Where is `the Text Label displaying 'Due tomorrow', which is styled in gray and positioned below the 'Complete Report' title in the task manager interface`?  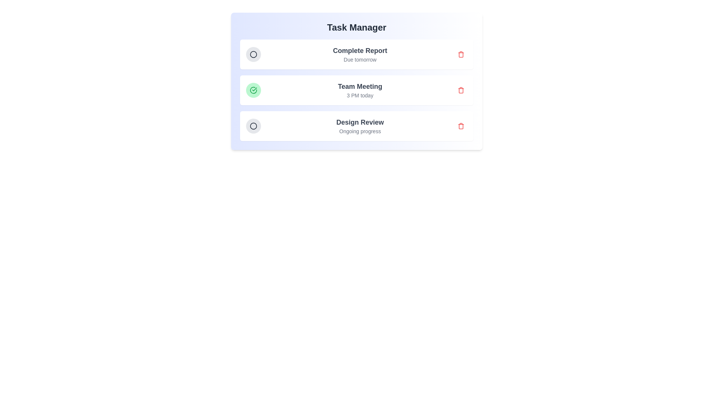
the Text Label displaying 'Due tomorrow', which is styled in gray and positioned below the 'Complete Report' title in the task manager interface is located at coordinates (360, 59).